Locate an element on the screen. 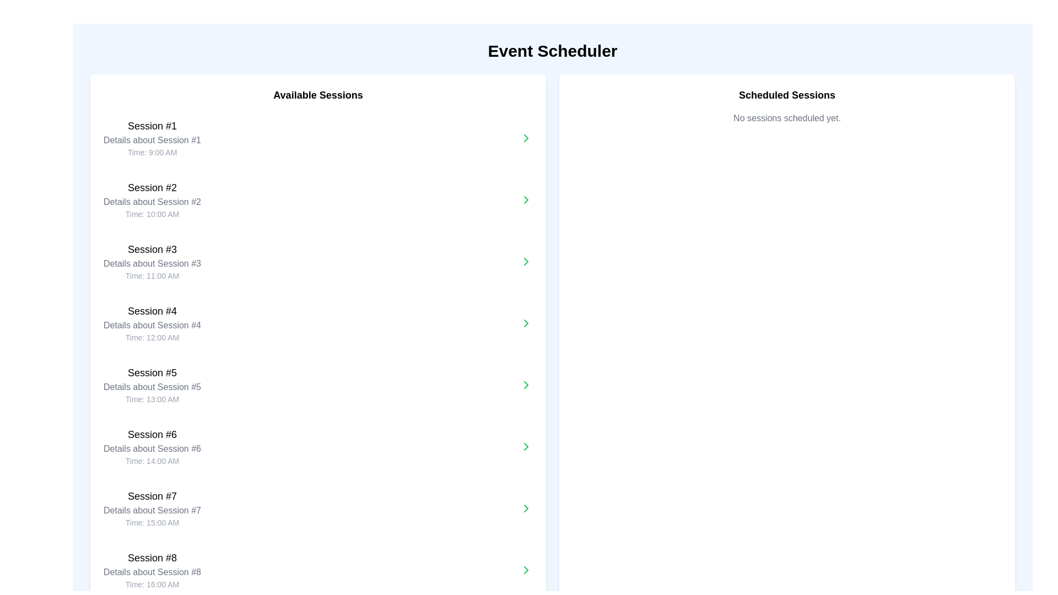 The height and width of the screenshot is (595, 1058). the text displaying the scheduled time for 'Session #8', located at the bottom of the block dedicated to this session is located at coordinates (152, 583).